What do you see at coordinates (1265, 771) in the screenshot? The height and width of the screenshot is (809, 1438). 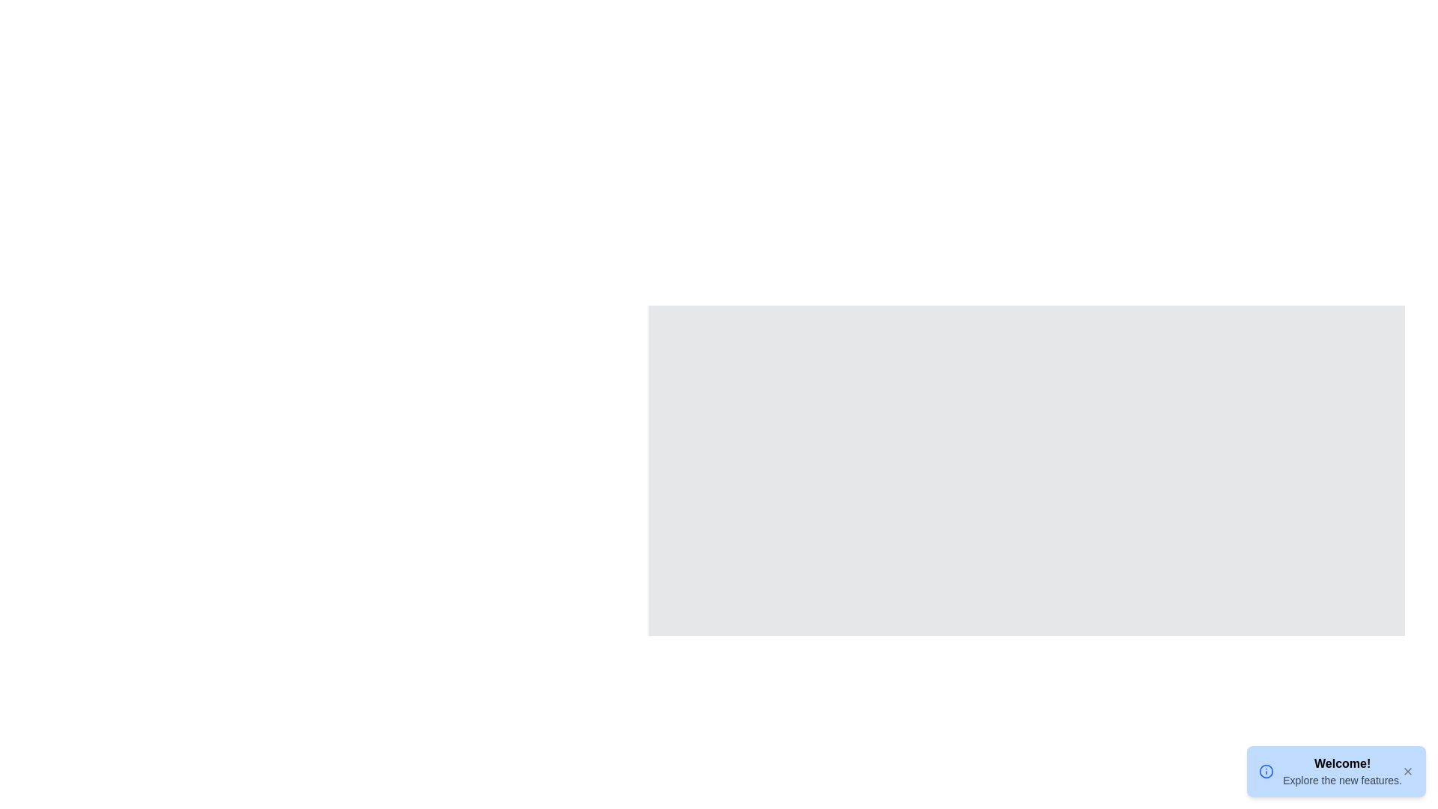 I see `the prominent circular icon with a thin blue border and a central dot, located on the left side of the 'Welcome!' notification panel` at bounding box center [1265, 771].